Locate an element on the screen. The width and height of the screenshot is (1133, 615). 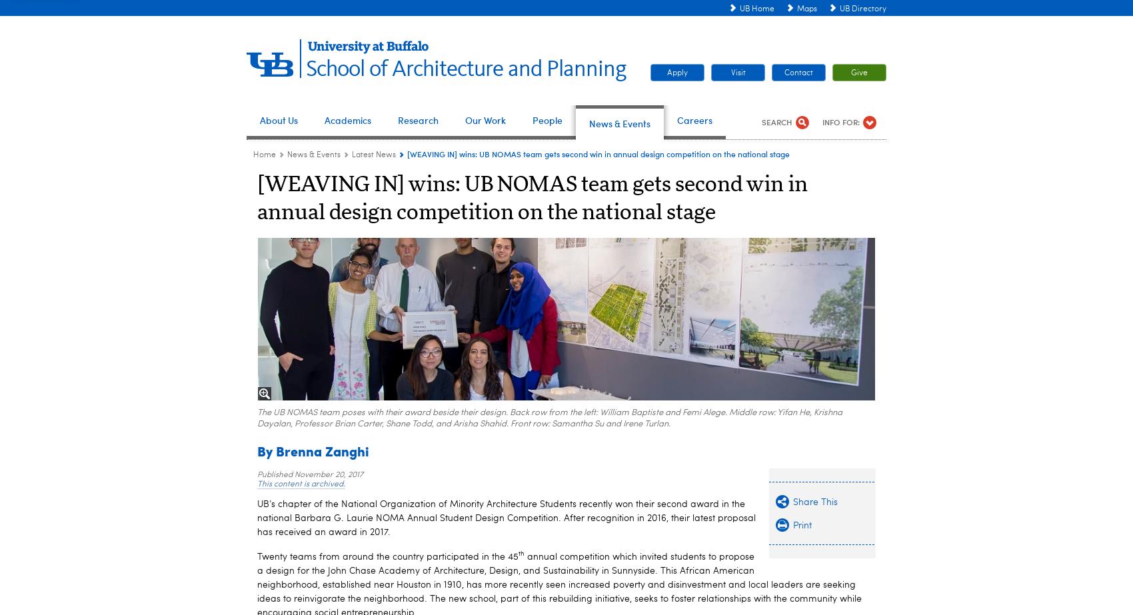
'Print' is located at coordinates (801, 524).